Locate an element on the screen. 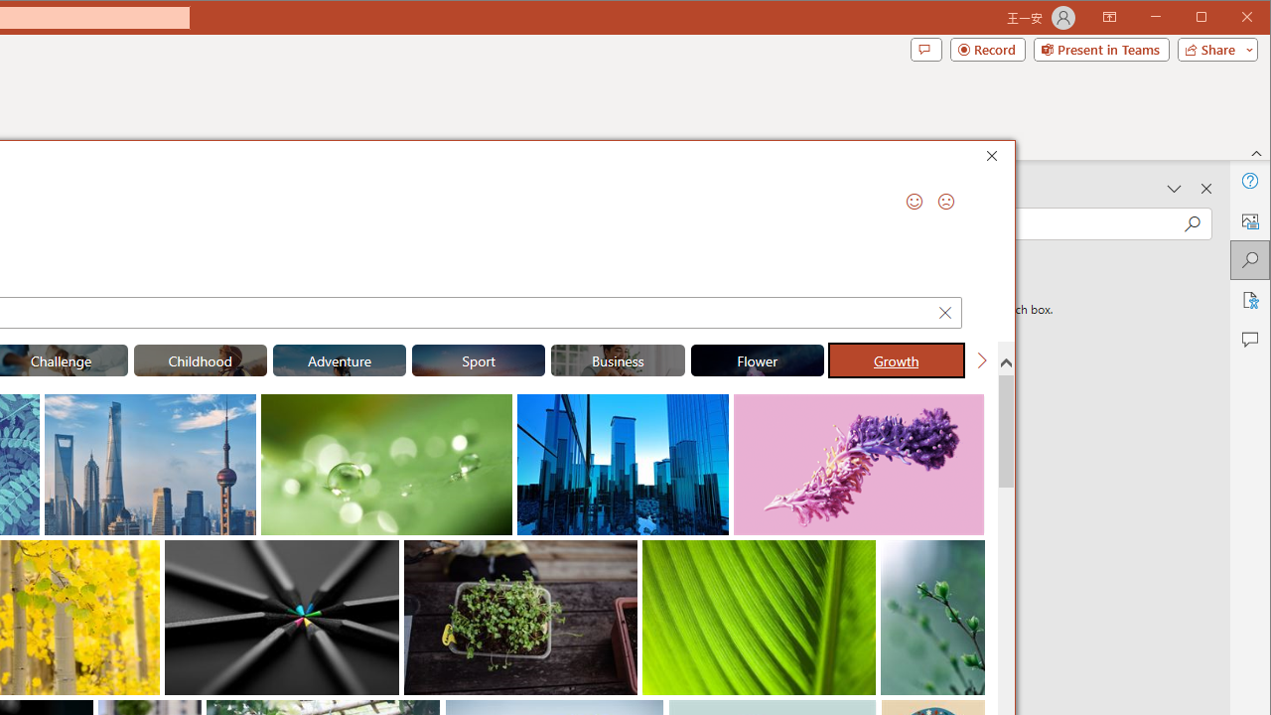 The height and width of the screenshot is (715, 1271). '"Business" Stock Images.' is located at coordinates (617, 359).